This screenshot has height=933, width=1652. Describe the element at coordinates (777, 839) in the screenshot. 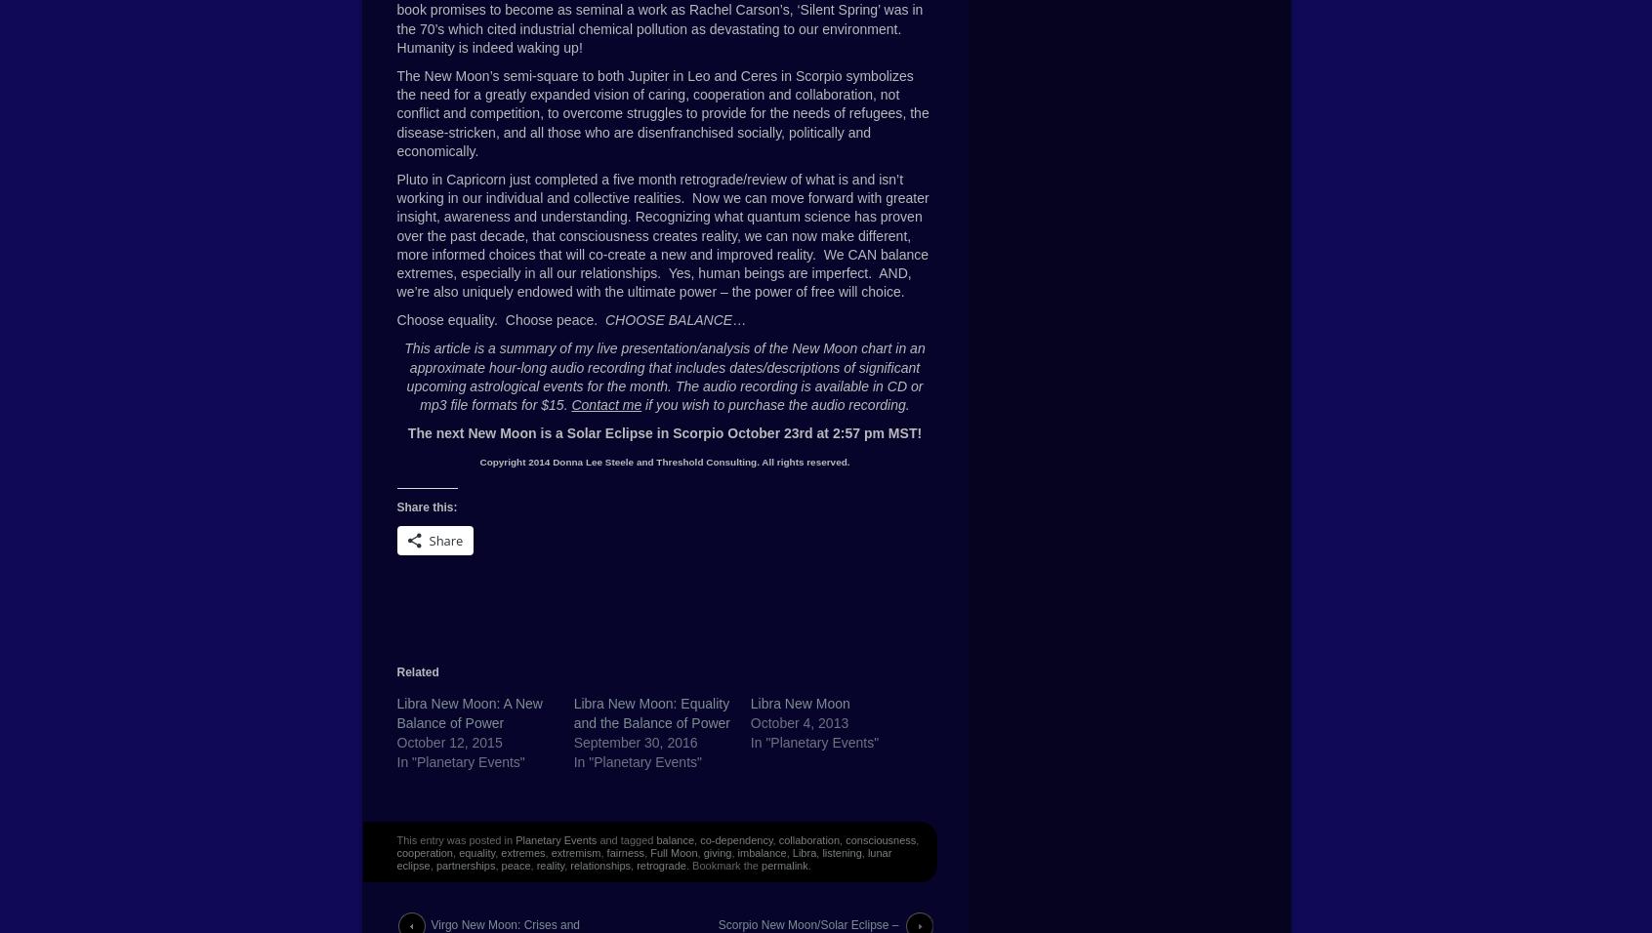

I see `'collaboration'` at that location.